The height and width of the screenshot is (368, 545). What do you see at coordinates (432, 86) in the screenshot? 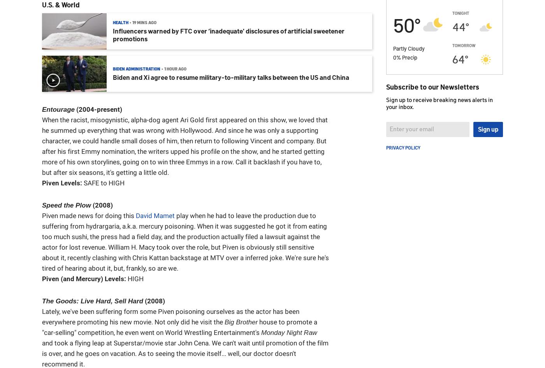
I see `'Subscribe to our Newsletters'` at bounding box center [432, 86].